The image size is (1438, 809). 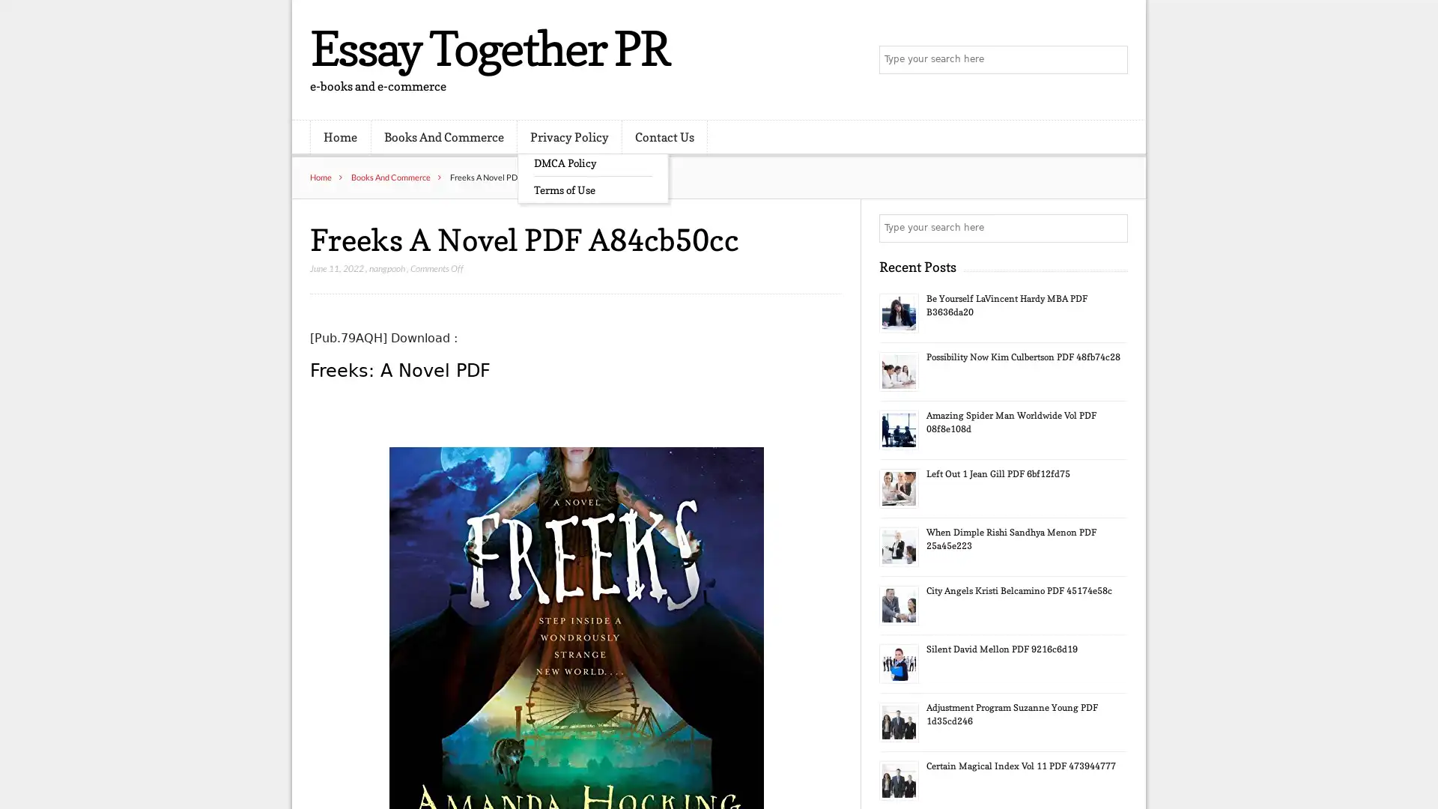 I want to click on Search, so click(x=1112, y=60).